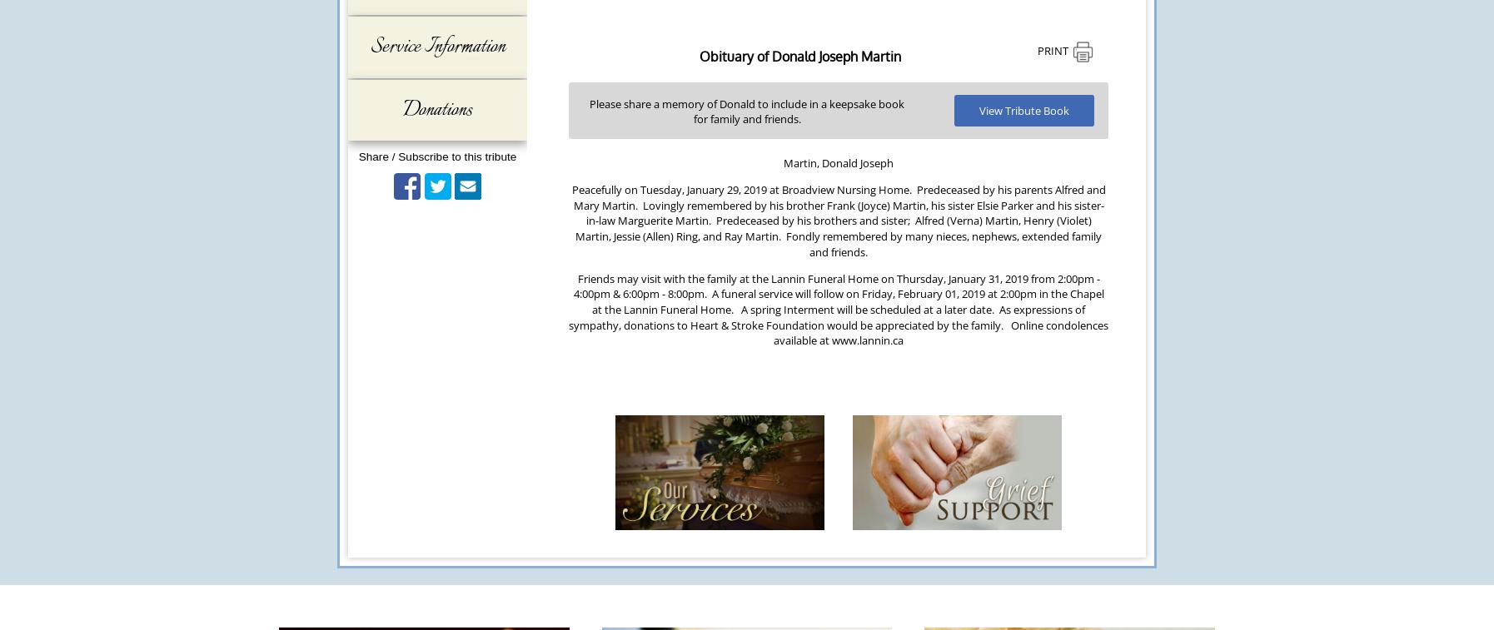  Describe the element at coordinates (357, 155) in the screenshot. I see `'Share / Subscribe to this tribute'` at that location.